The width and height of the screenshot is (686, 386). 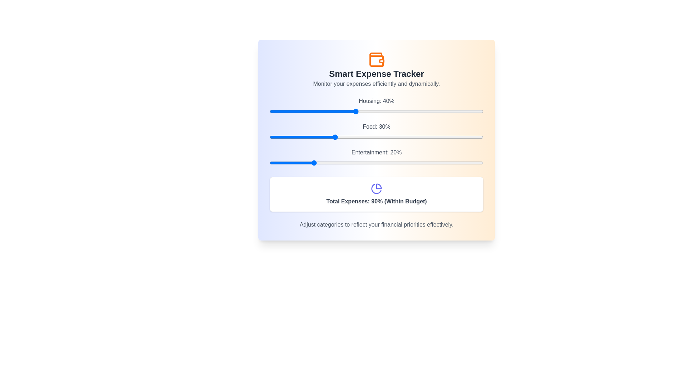 I want to click on the Entertainment slider to 32%, so click(x=338, y=163).